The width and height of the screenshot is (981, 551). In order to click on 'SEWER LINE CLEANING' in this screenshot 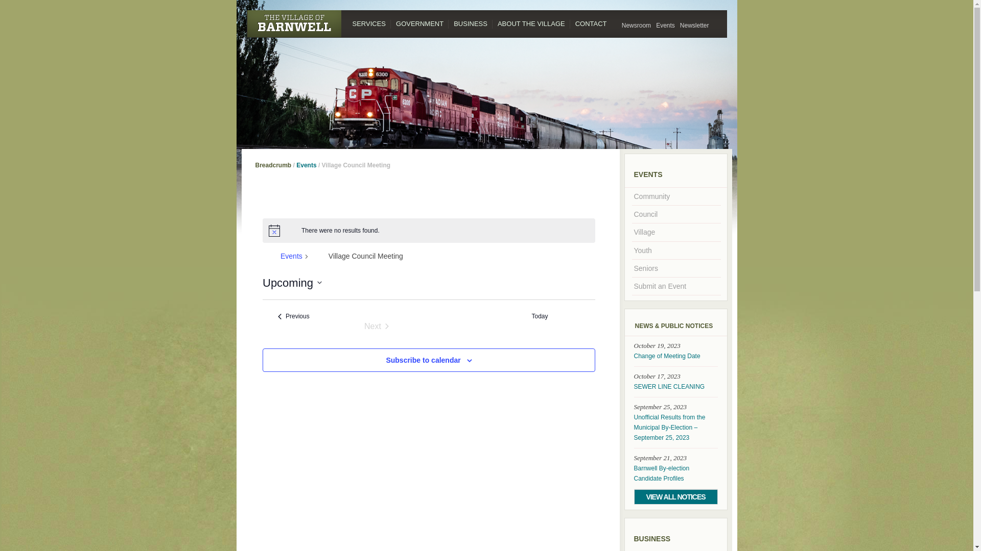, I will do `click(675, 387)`.